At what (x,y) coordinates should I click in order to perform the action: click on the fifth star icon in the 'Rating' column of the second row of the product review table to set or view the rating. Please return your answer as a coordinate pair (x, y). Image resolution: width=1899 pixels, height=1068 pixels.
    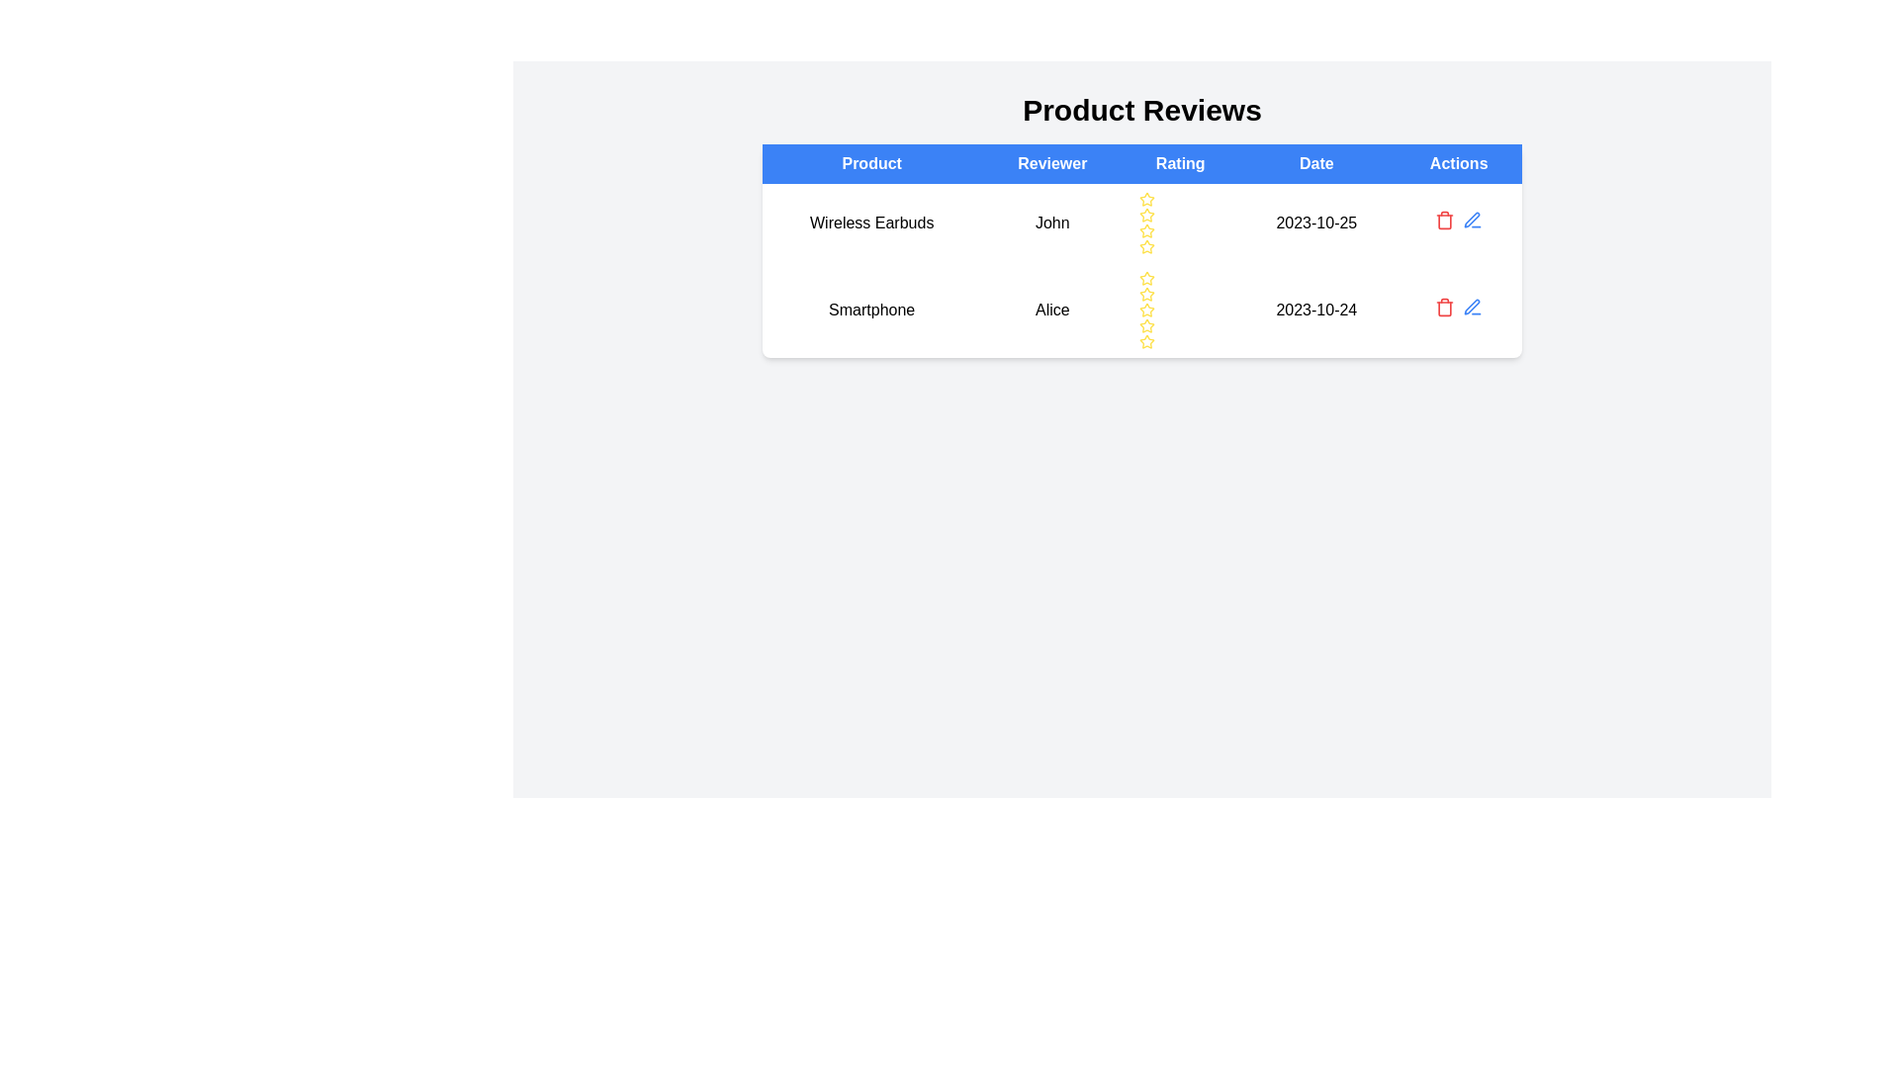
    Looking at the image, I should click on (1147, 310).